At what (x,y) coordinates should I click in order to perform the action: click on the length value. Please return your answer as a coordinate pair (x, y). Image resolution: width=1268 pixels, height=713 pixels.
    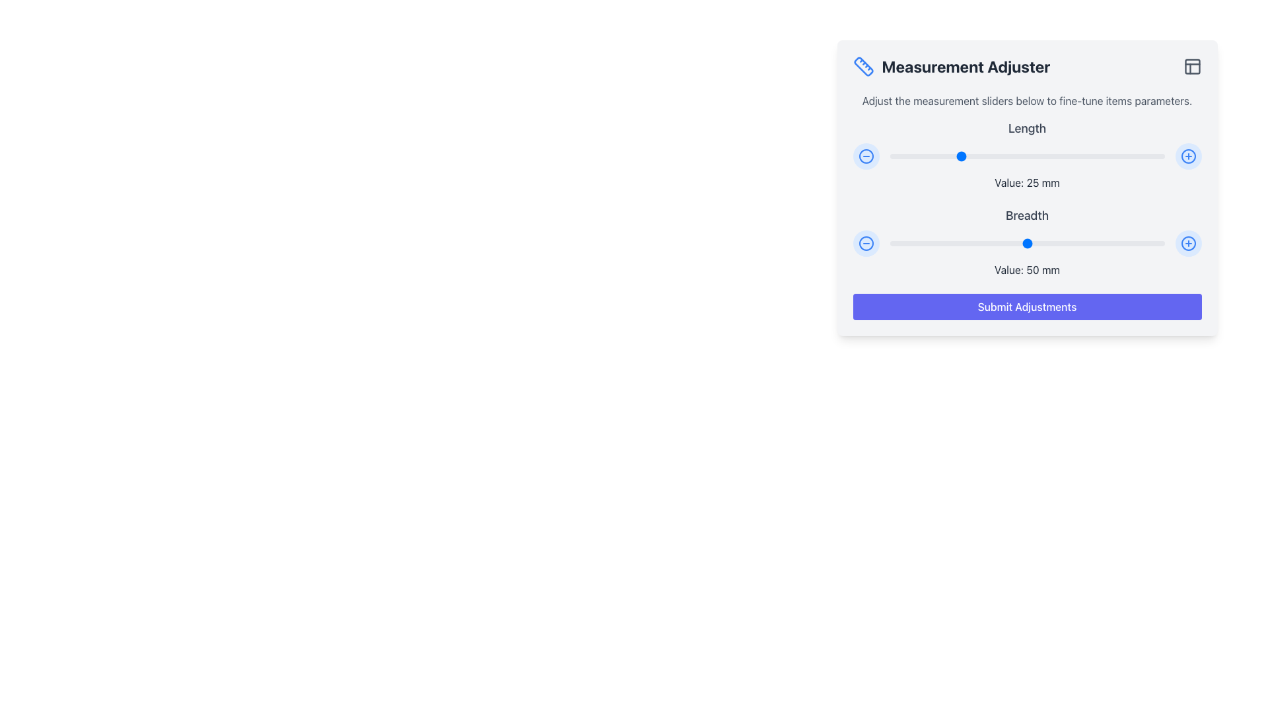
    Looking at the image, I should click on (997, 155).